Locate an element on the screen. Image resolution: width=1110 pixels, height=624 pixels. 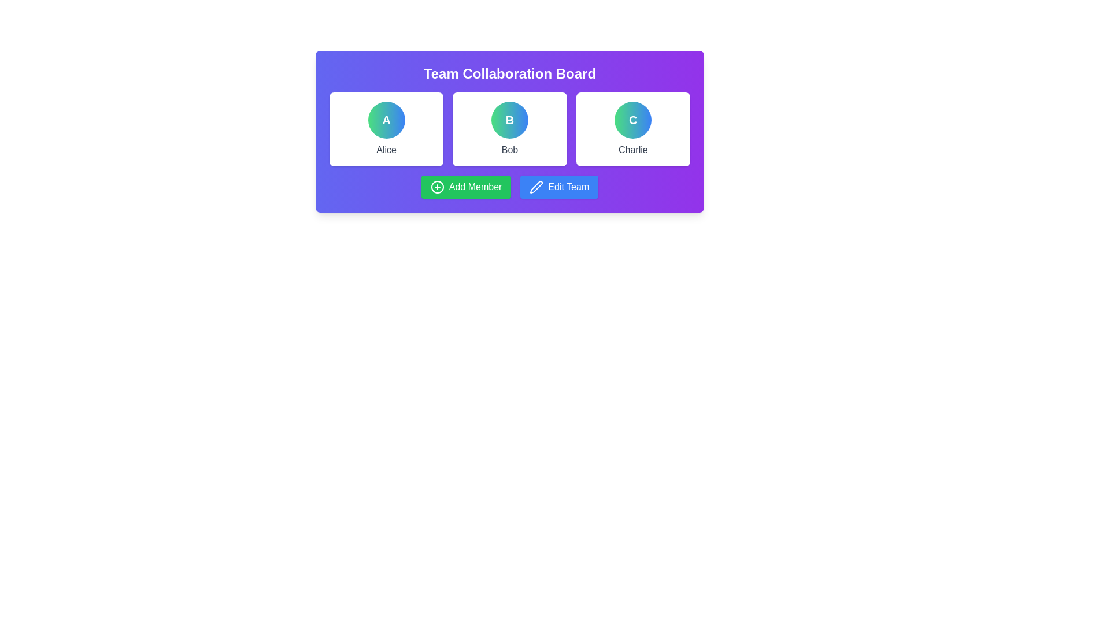
the edit team button located to the right of the 'Add Member' button on the Team Collaboration Board is located at coordinates (559, 187).